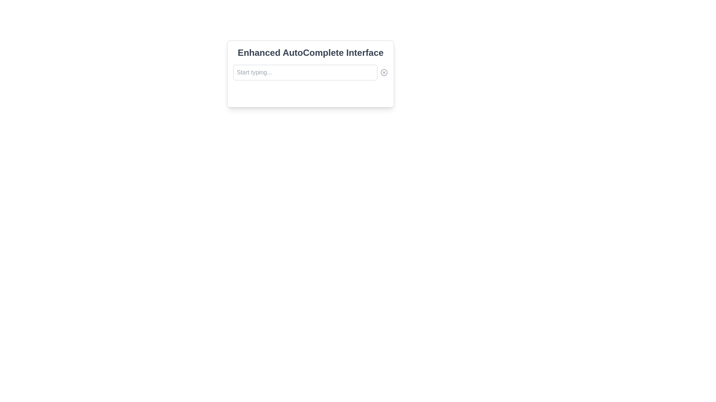  What do you see at coordinates (384, 73) in the screenshot?
I see `the decorative SVG circle positioned at the center of the icon to the right of the input field, which symbolizes a cancel action` at bounding box center [384, 73].